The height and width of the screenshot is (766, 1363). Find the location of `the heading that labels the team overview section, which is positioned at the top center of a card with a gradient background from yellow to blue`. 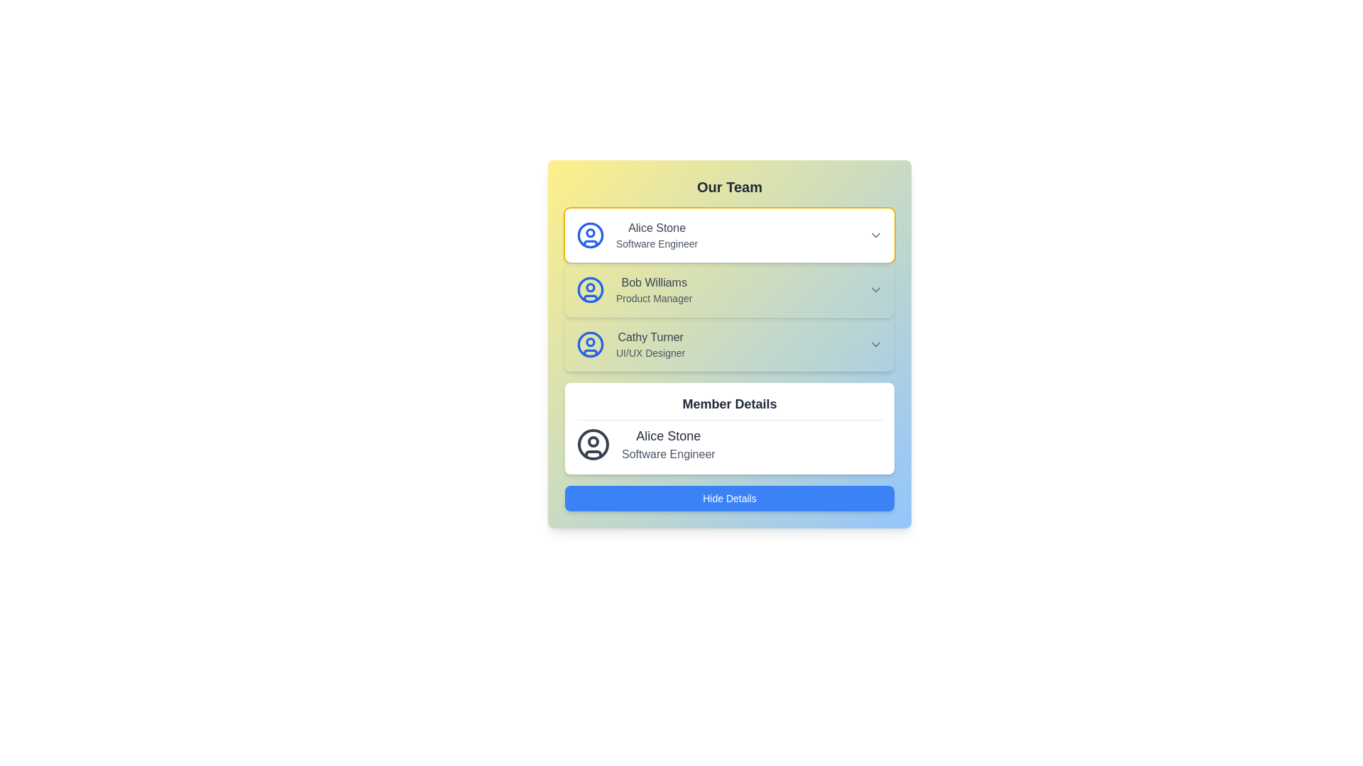

the heading that labels the team overview section, which is positioned at the top center of a card with a gradient background from yellow to blue is located at coordinates (729, 186).